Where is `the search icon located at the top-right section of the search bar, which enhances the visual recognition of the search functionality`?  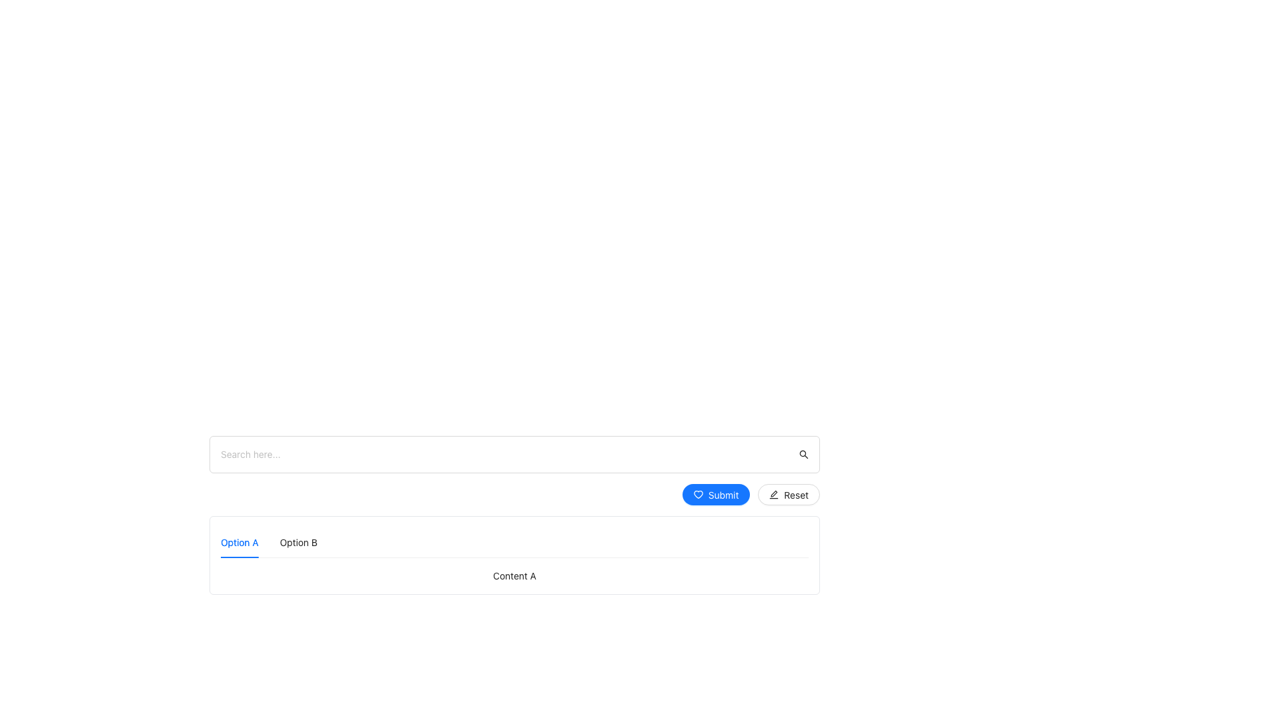
the search icon located at the top-right section of the search bar, which enhances the visual recognition of the search functionality is located at coordinates (803, 454).